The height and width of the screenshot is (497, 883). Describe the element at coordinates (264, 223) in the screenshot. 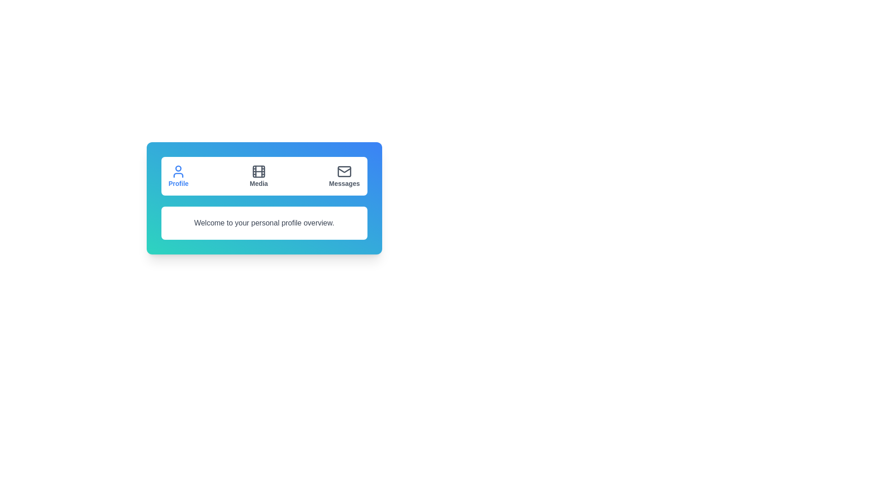

I see `the content area to read the displayed content` at that location.